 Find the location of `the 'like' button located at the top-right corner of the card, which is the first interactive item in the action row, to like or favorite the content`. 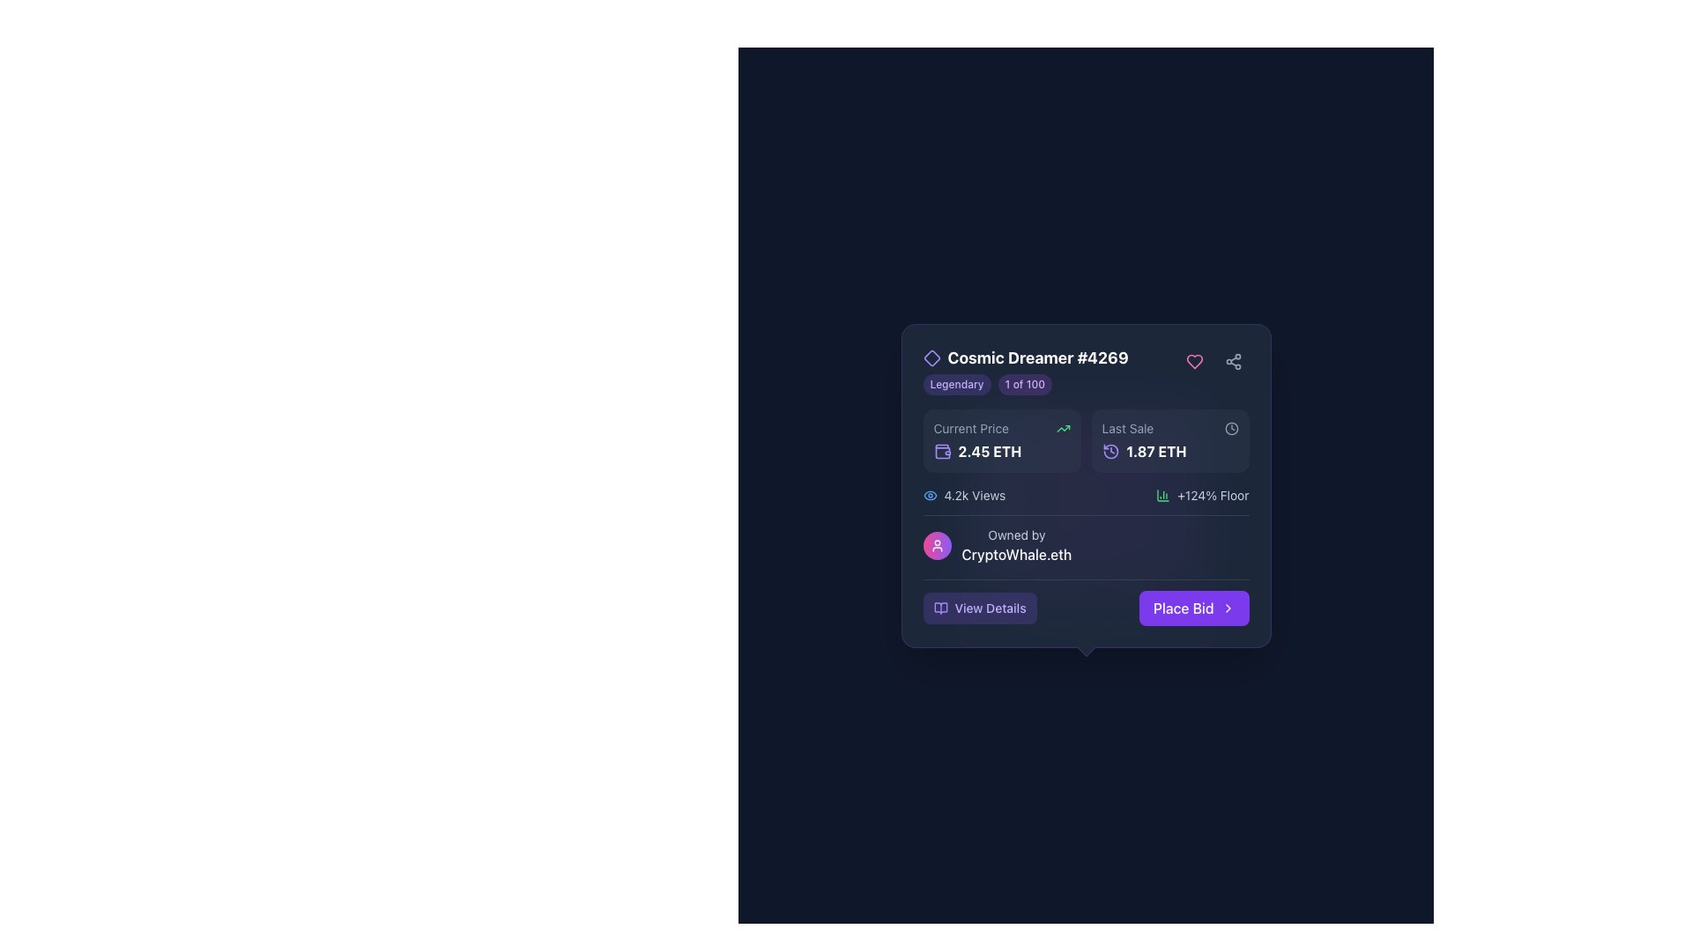

the 'like' button located at the top-right corner of the card, which is the first interactive item in the action row, to like or favorite the content is located at coordinates (1194, 361).